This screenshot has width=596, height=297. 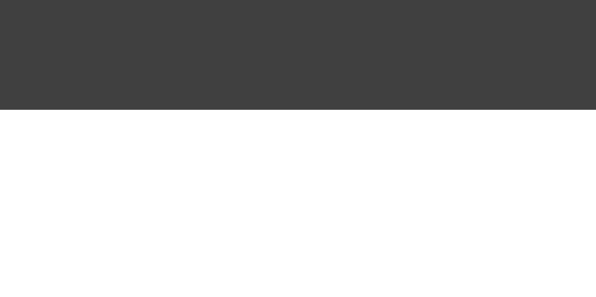 I want to click on 'Twitter', so click(x=413, y=4).